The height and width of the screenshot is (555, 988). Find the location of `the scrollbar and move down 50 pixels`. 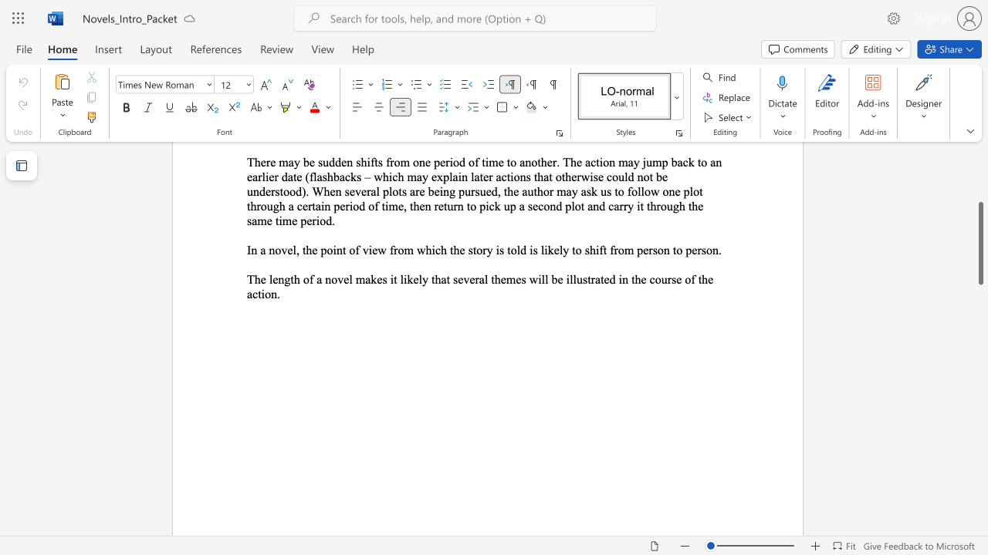

the scrollbar and move down 50 pixels is located at coordinates (980, 250).